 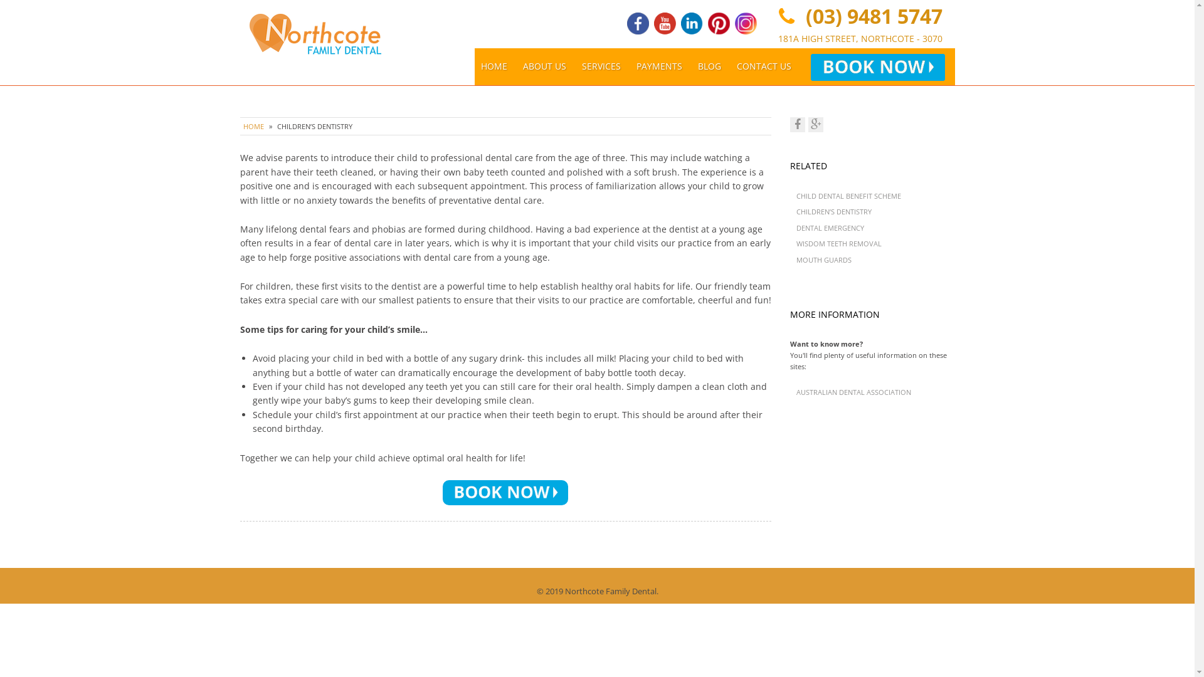 I want to click on 'CHILD DENTAL BENEFIT SCHEME', so click(x=848, y=196).